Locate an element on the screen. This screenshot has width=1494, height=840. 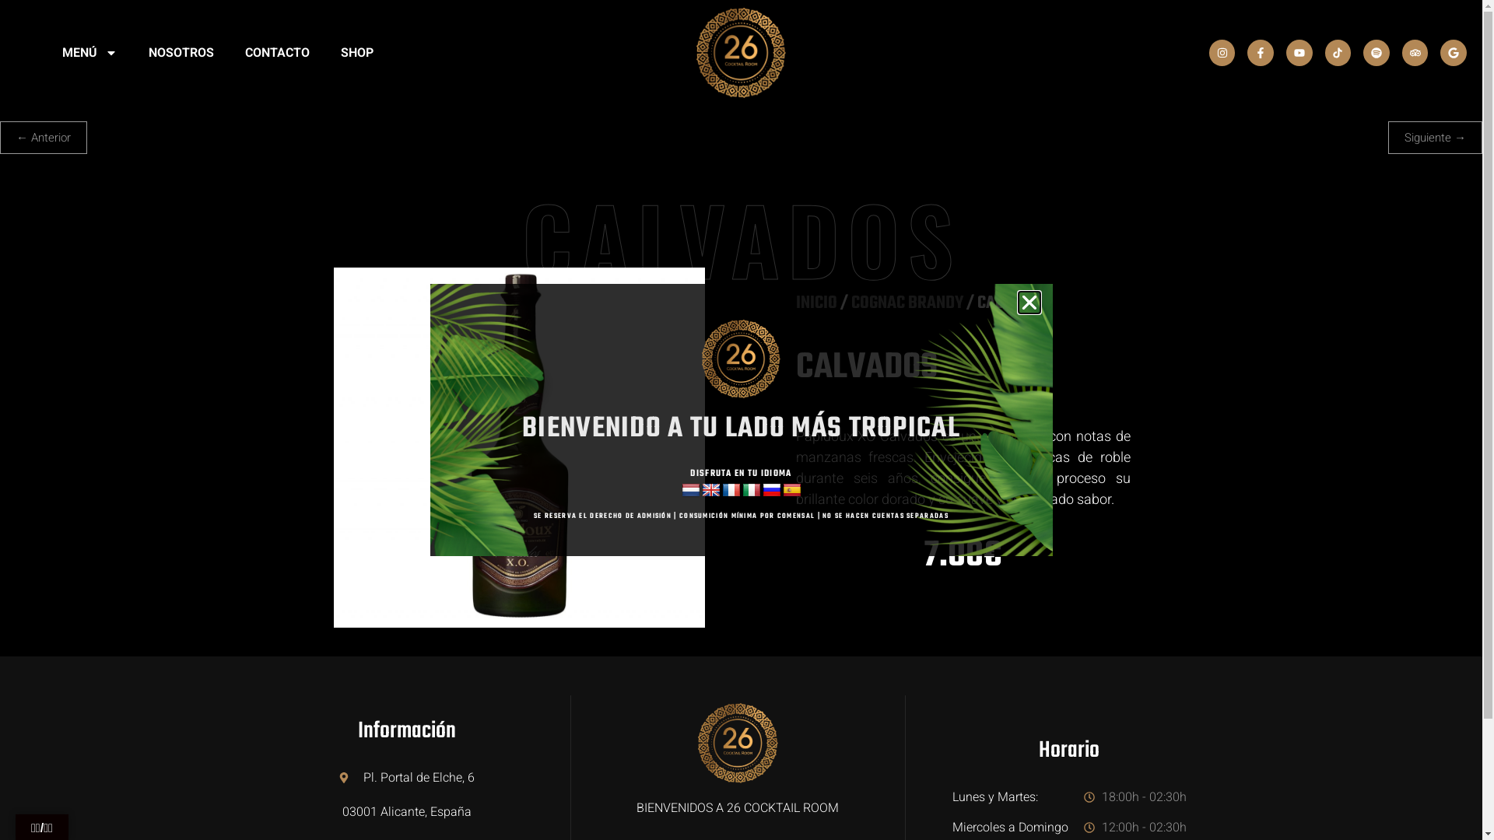
'English' is located at coordinates (710, 491).